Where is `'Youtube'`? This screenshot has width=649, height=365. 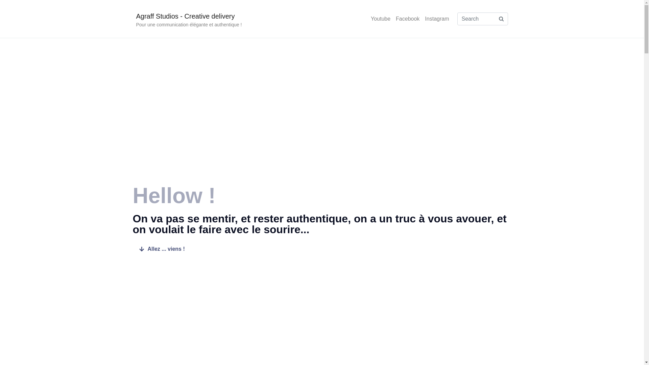
'Youtube' is located at coordinates (381, 19).